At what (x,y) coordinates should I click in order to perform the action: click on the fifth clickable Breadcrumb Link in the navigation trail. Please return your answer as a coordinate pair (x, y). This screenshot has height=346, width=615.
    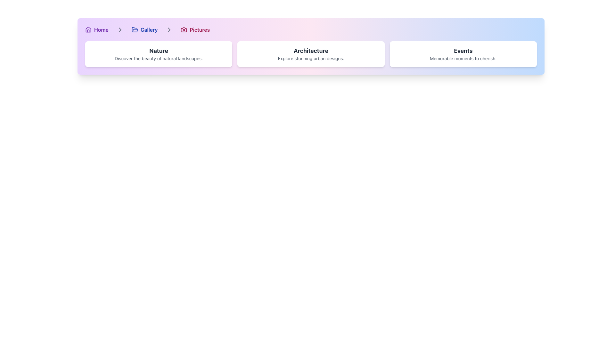
    Looking at the image, I should click on (195, 29).